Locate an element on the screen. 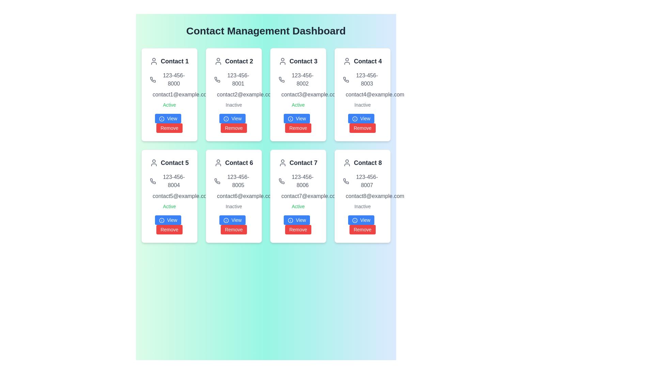 The width and height of the screenshot is (654, 368). the icon representing the phone number '123-456-8004' located in the card labeled 'Contact 5', positioned to the left of the phone number is located at coordinates (152, 181).